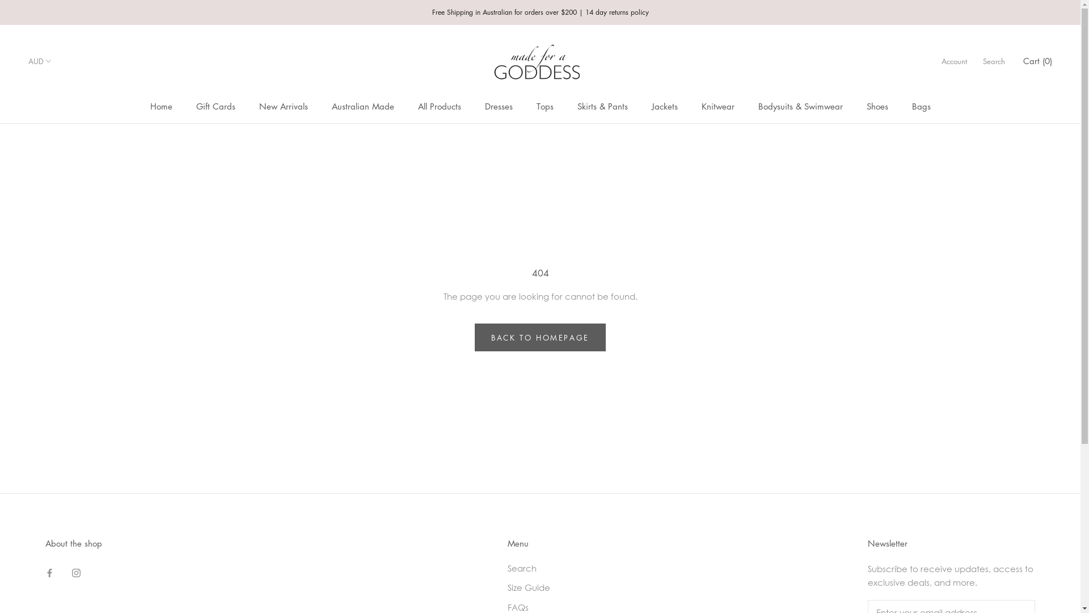 The width and height of the screenshot is (1089, 613). Describe the element at coordinates (564, 587) in the screenshot. I see `'Size Guide'` at that location.